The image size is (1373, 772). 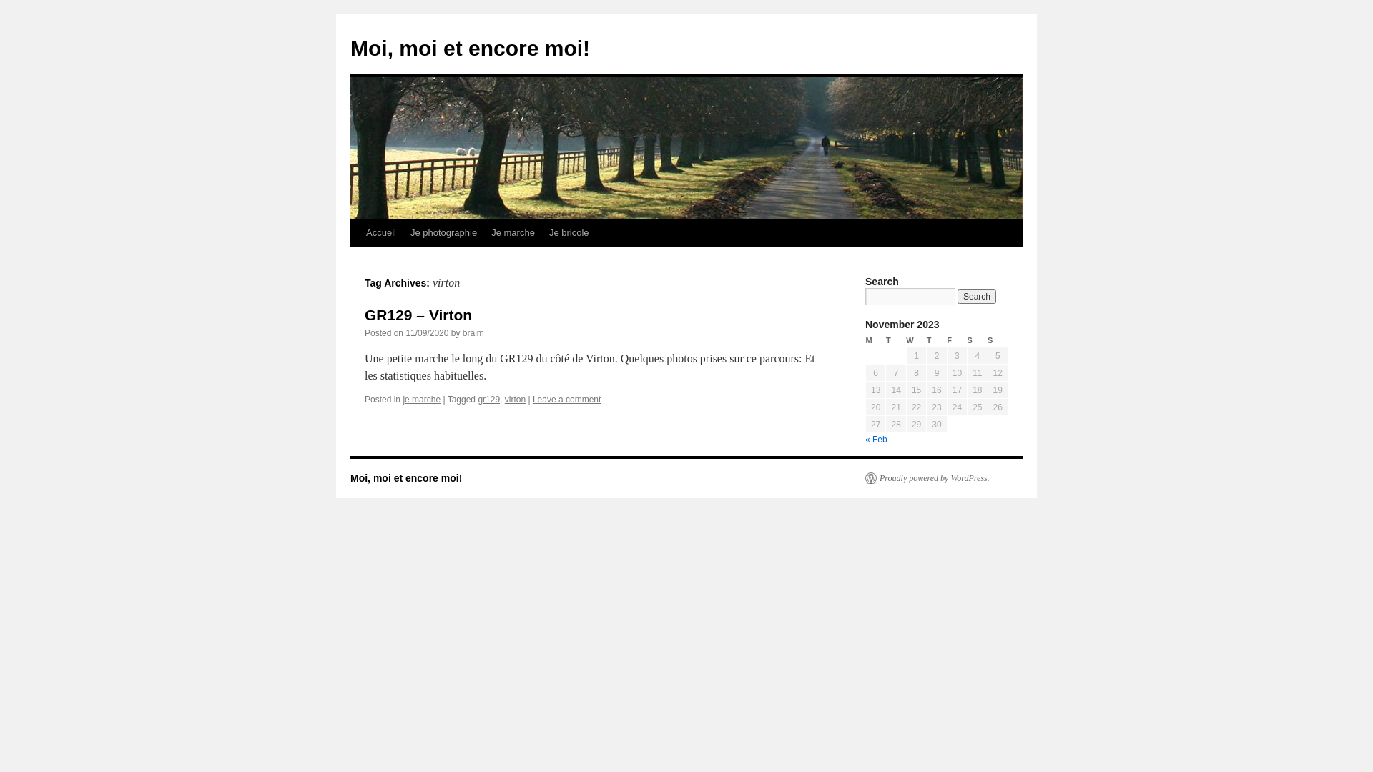 I want to click on 'Je photographie', so click(x=443, y=232).